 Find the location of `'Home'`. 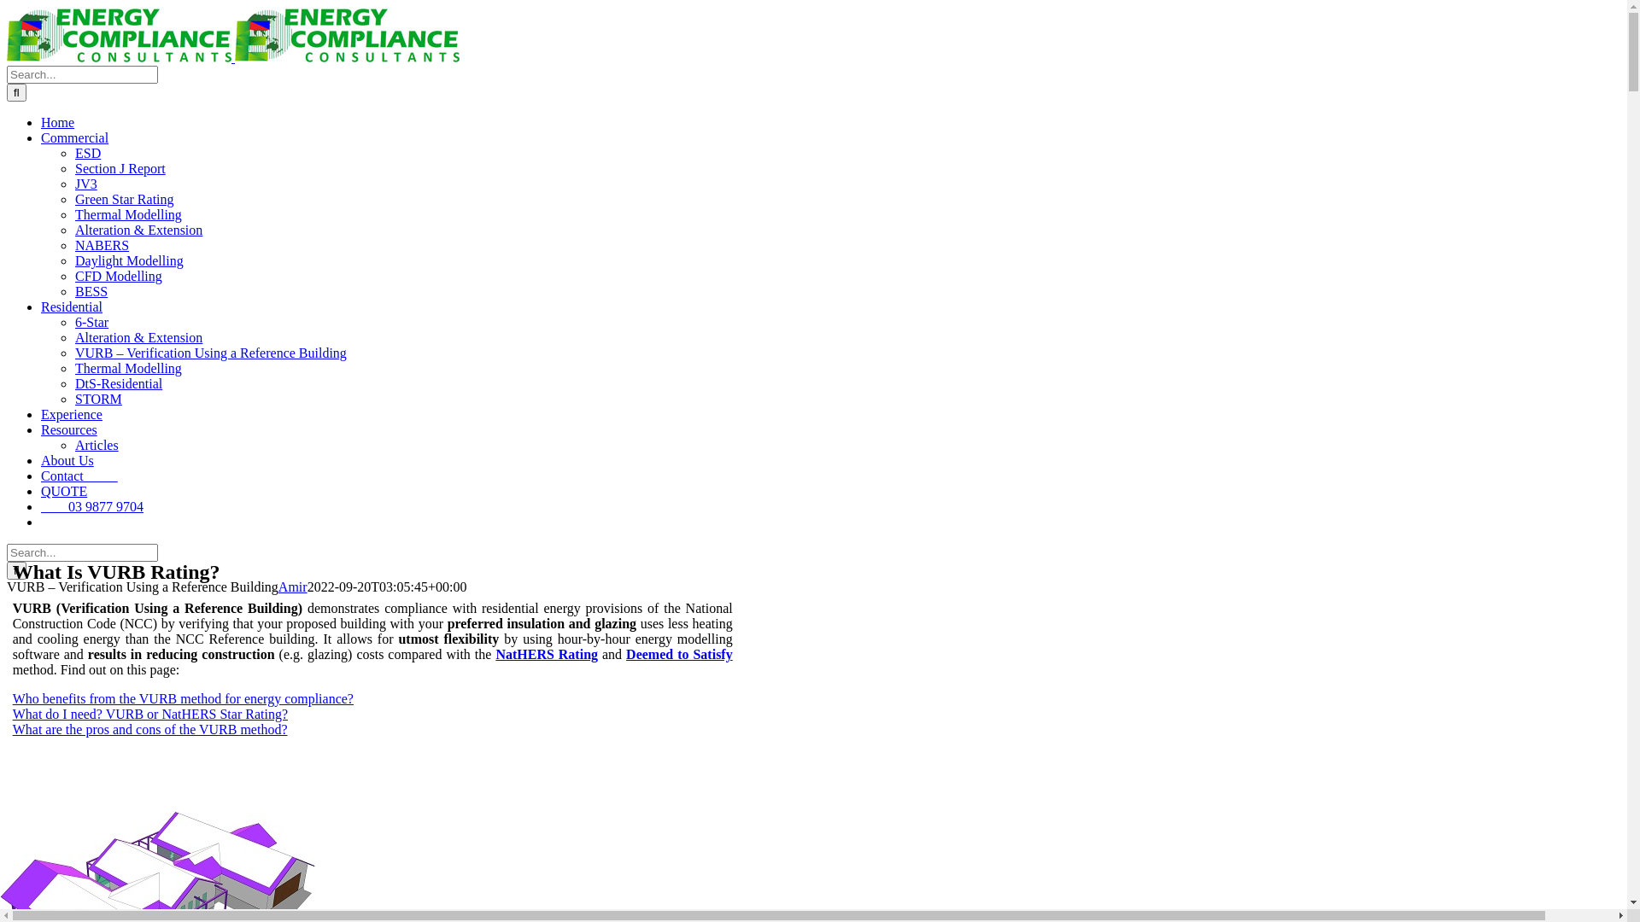

'Home' is located at coordinates (57, 121).